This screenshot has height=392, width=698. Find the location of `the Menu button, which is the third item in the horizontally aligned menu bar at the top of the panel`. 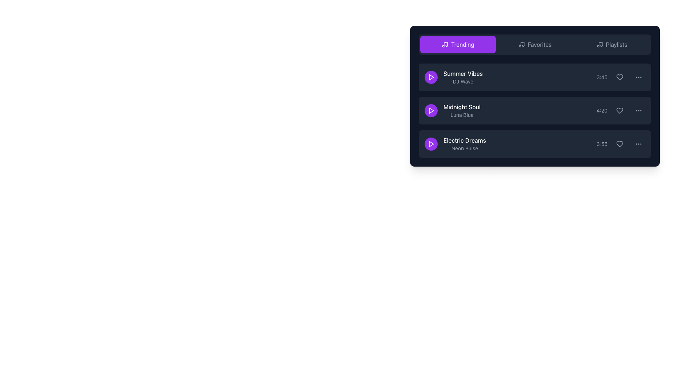

the Menu button, which is the third item in the horizontally aligned menu bar at the top of the panel is located at coordinates (611, 45).